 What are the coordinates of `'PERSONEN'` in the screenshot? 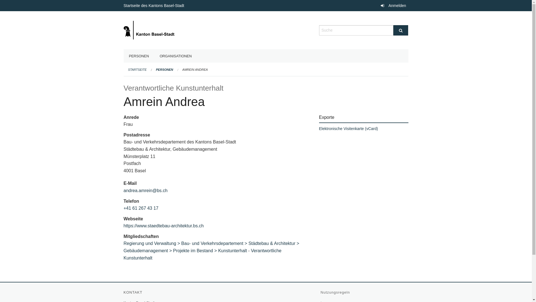 It's located at (139, 56).